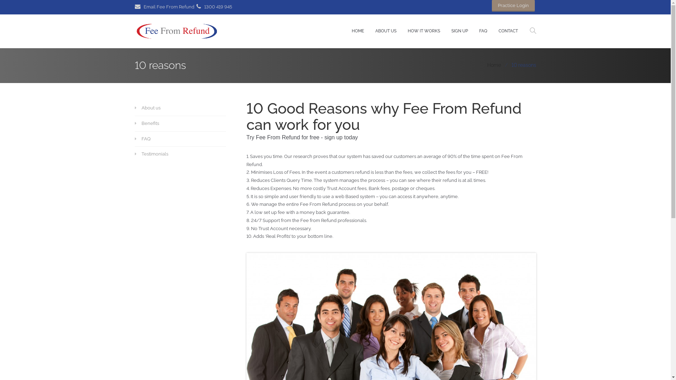 The height and width of the screenshot is (380, 676). Describe the element at coordinates (175, 154) in the screenshot. I see `'Testimonials'` at that location.